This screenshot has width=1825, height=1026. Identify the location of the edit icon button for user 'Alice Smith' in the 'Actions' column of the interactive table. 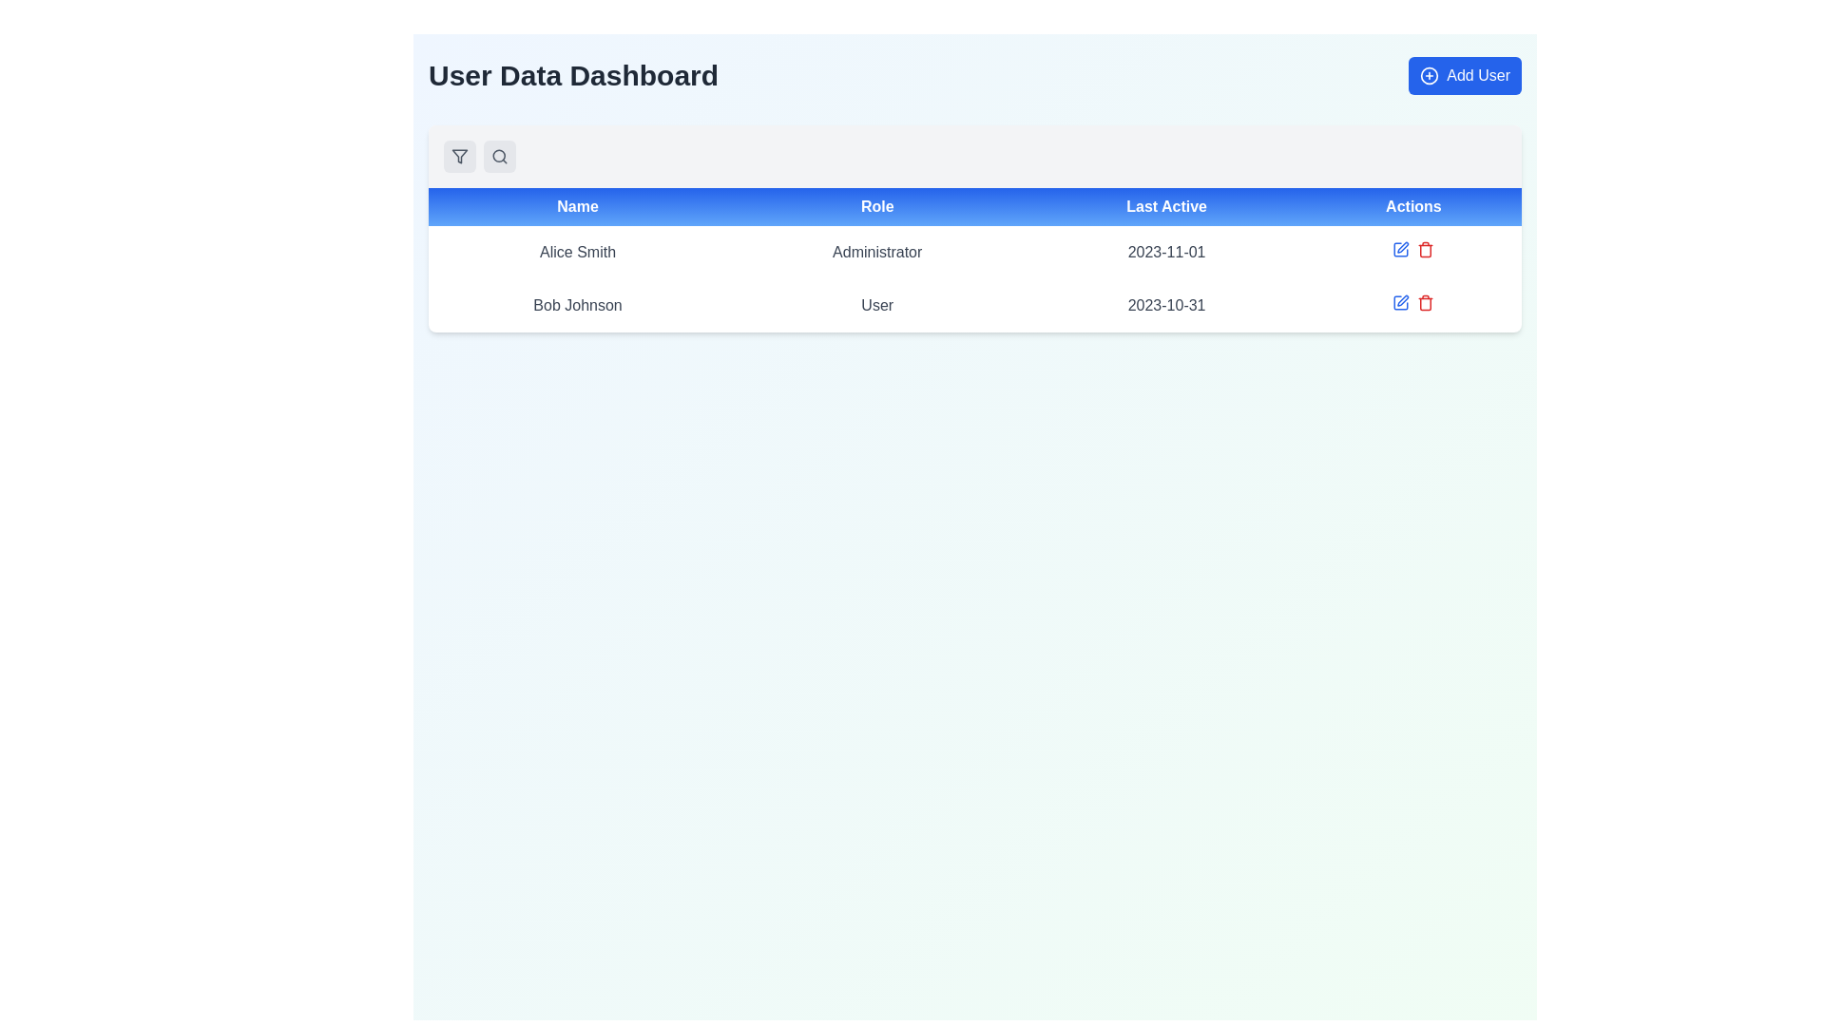
(1403, 246).